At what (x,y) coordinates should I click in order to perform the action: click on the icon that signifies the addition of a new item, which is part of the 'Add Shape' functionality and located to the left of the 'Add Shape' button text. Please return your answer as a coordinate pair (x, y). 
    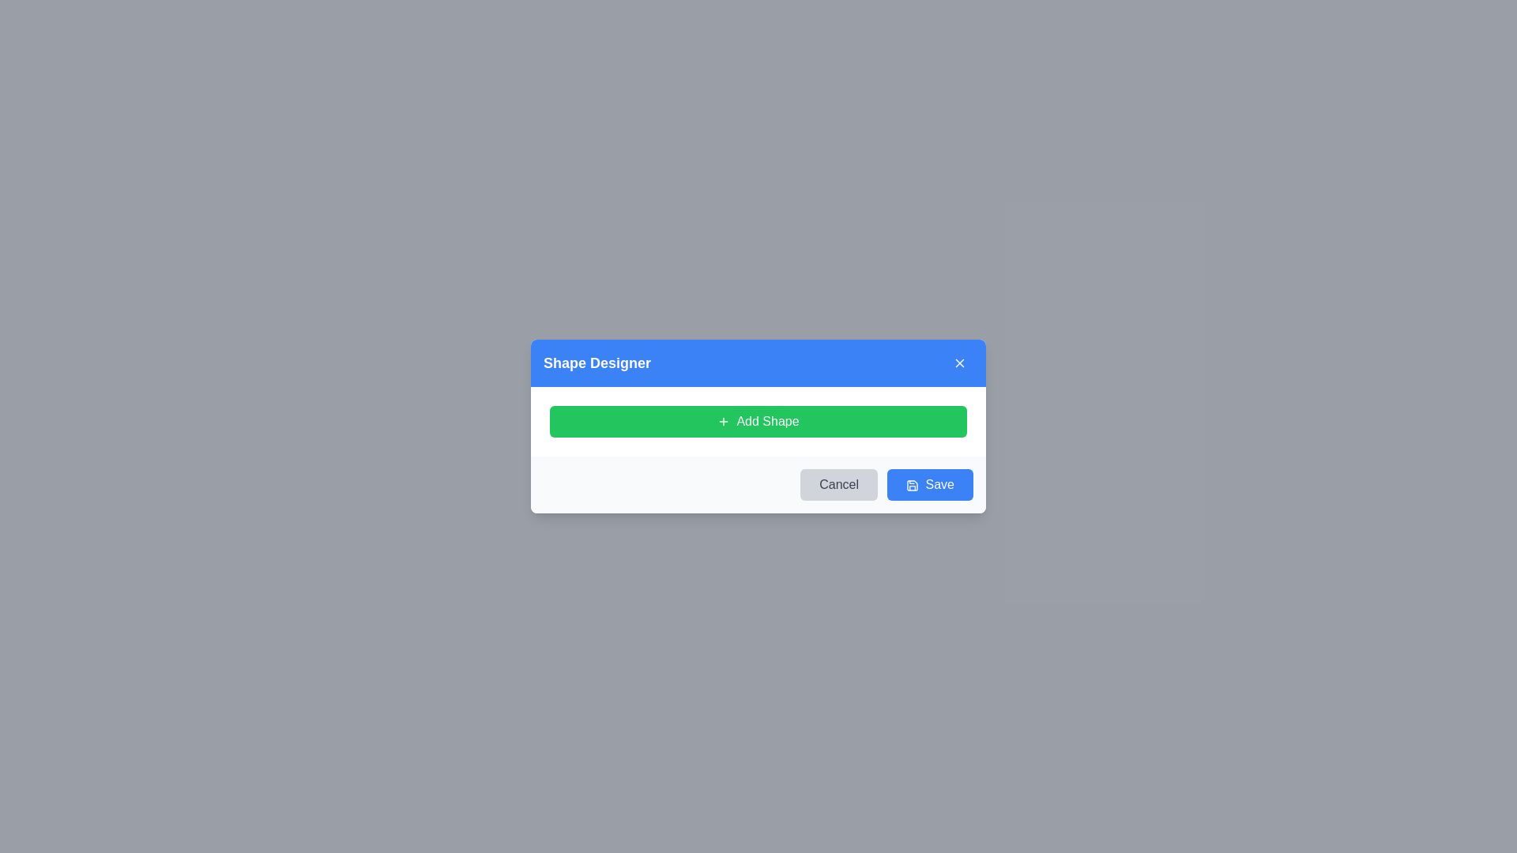
    Looking at the image, I should click on (723, 420).